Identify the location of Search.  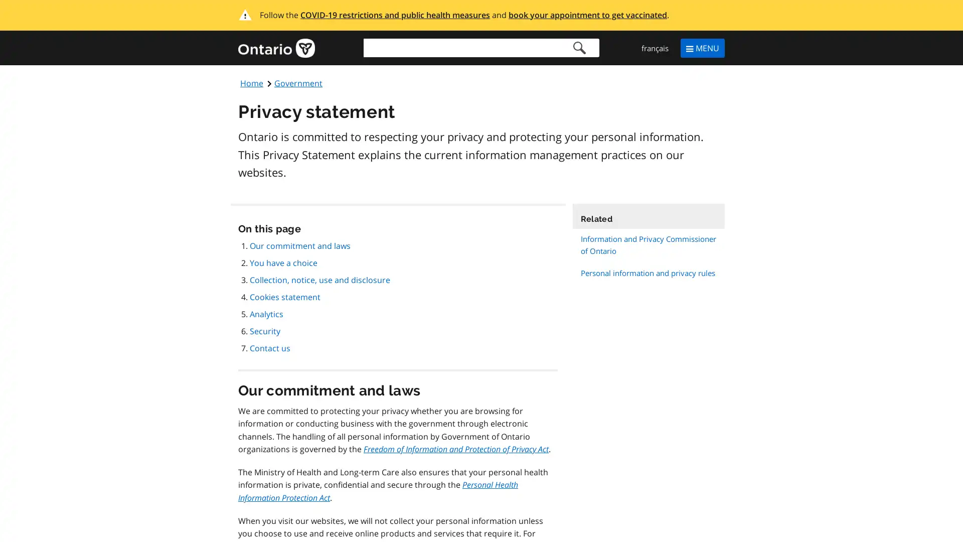
(579, 47).